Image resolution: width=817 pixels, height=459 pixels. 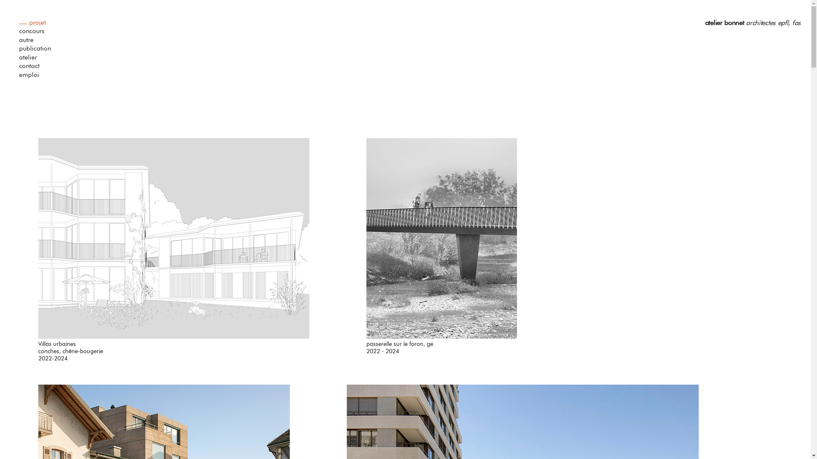 I want to click on 'emploi', so click(x=40, y=75).